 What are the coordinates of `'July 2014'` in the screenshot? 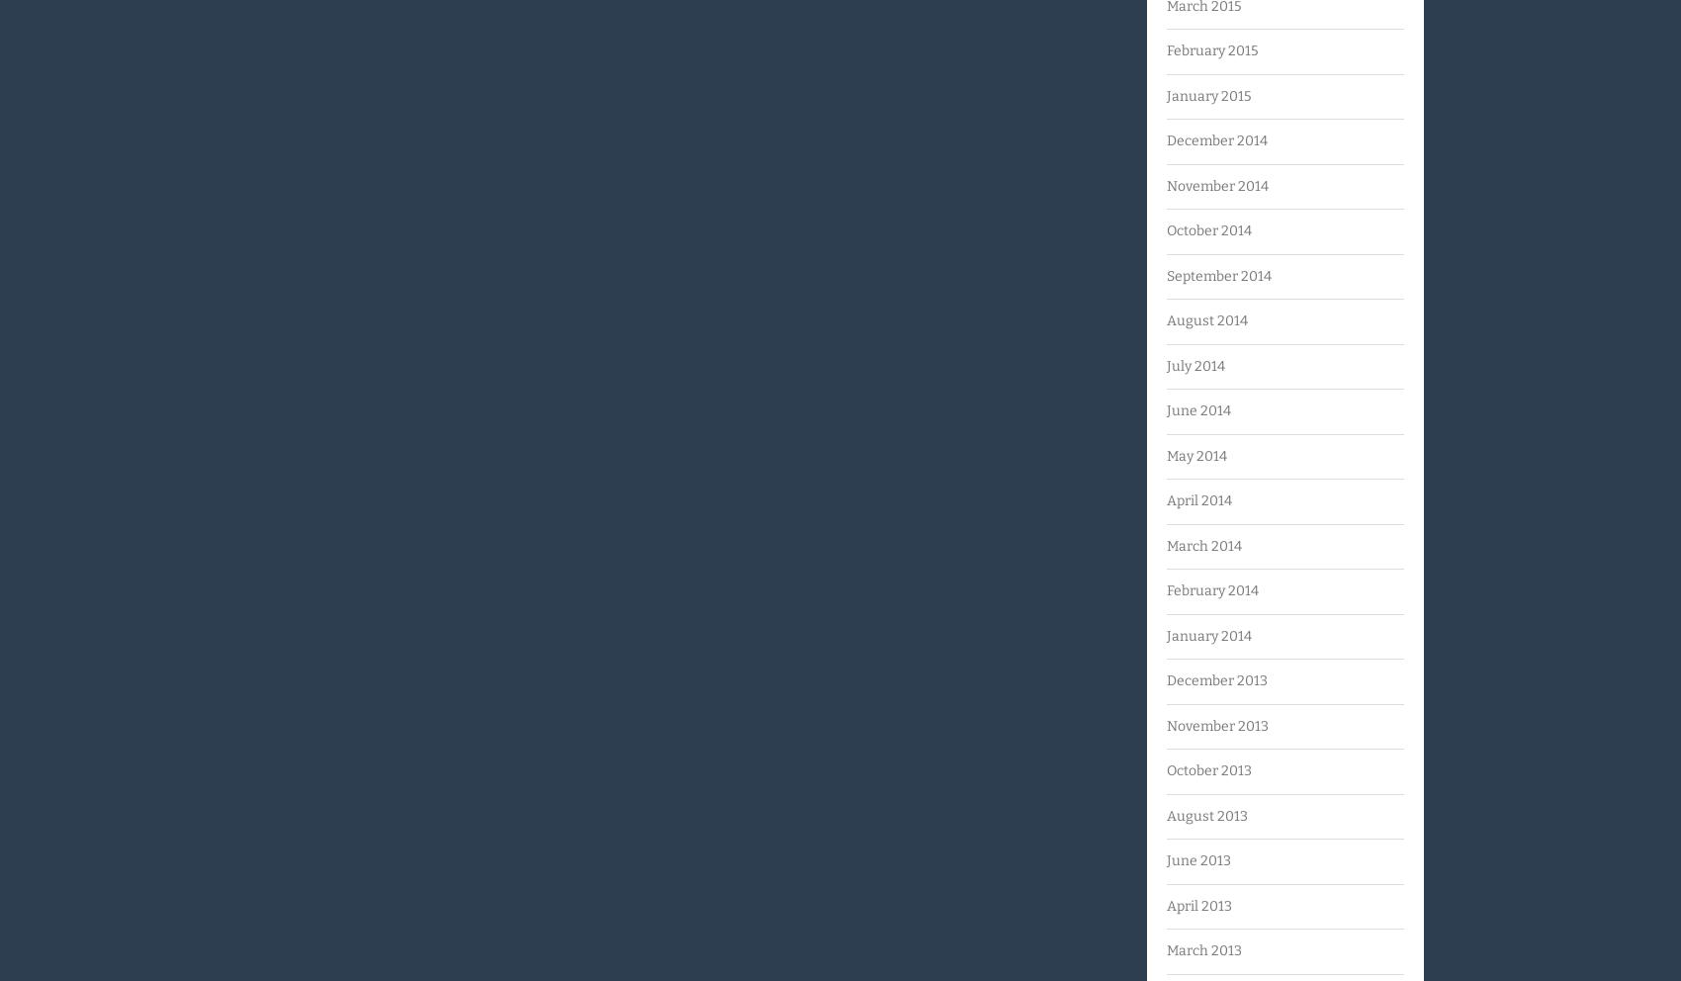 It's located at (1194, 364).